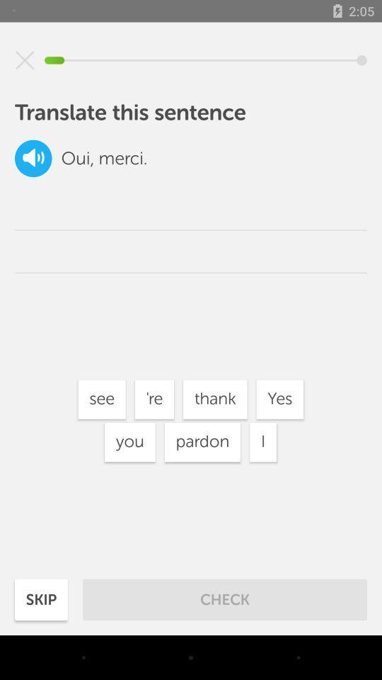 This screenshot has height=680, width=382. Describe the element at coordinates (33, 158) in the screenshot. I see `item next to the oui, item` at that location.